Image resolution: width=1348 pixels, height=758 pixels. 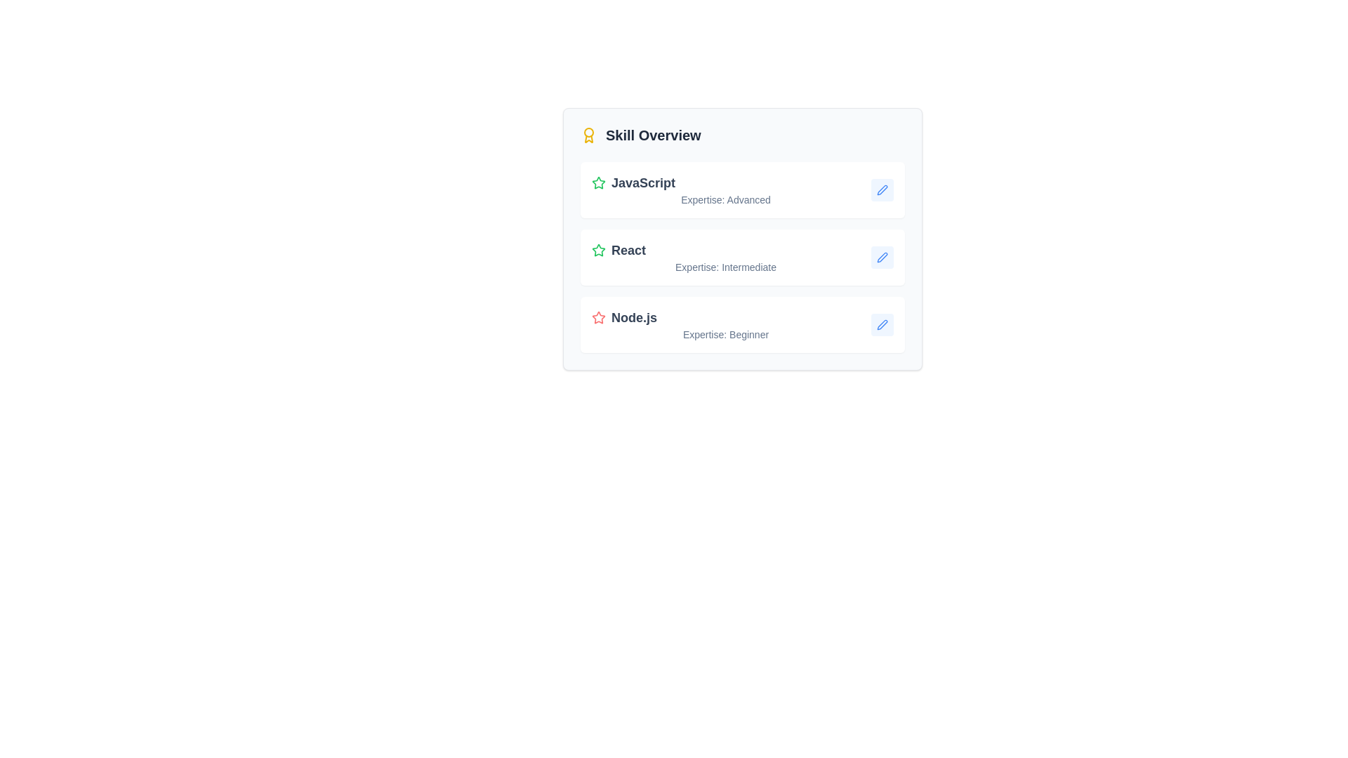 I want to click on the pen-shaped icon within the edit button on the card labeled 'JavaScript', so click(x=882, y=189).